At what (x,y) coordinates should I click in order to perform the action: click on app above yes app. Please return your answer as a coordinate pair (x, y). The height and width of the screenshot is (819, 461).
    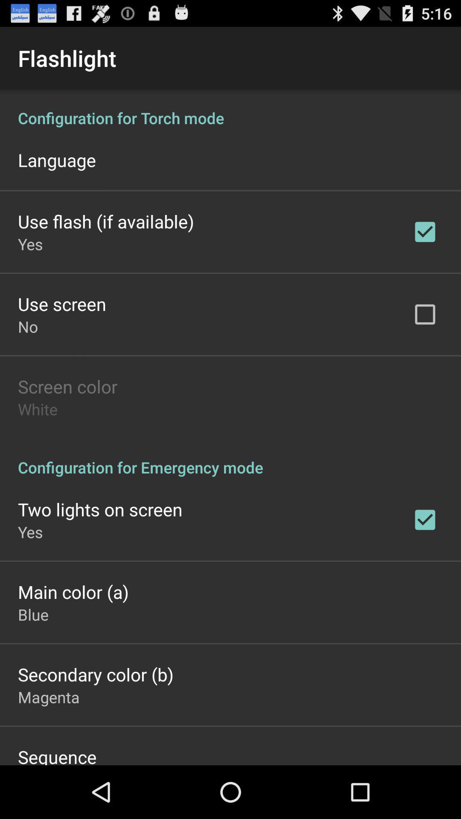
    Looking at the image, I should click on (105, 221).